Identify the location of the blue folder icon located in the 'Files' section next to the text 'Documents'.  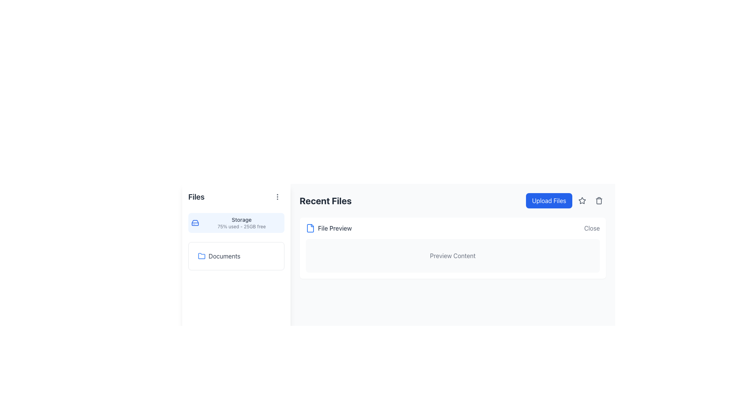
(202, 255).